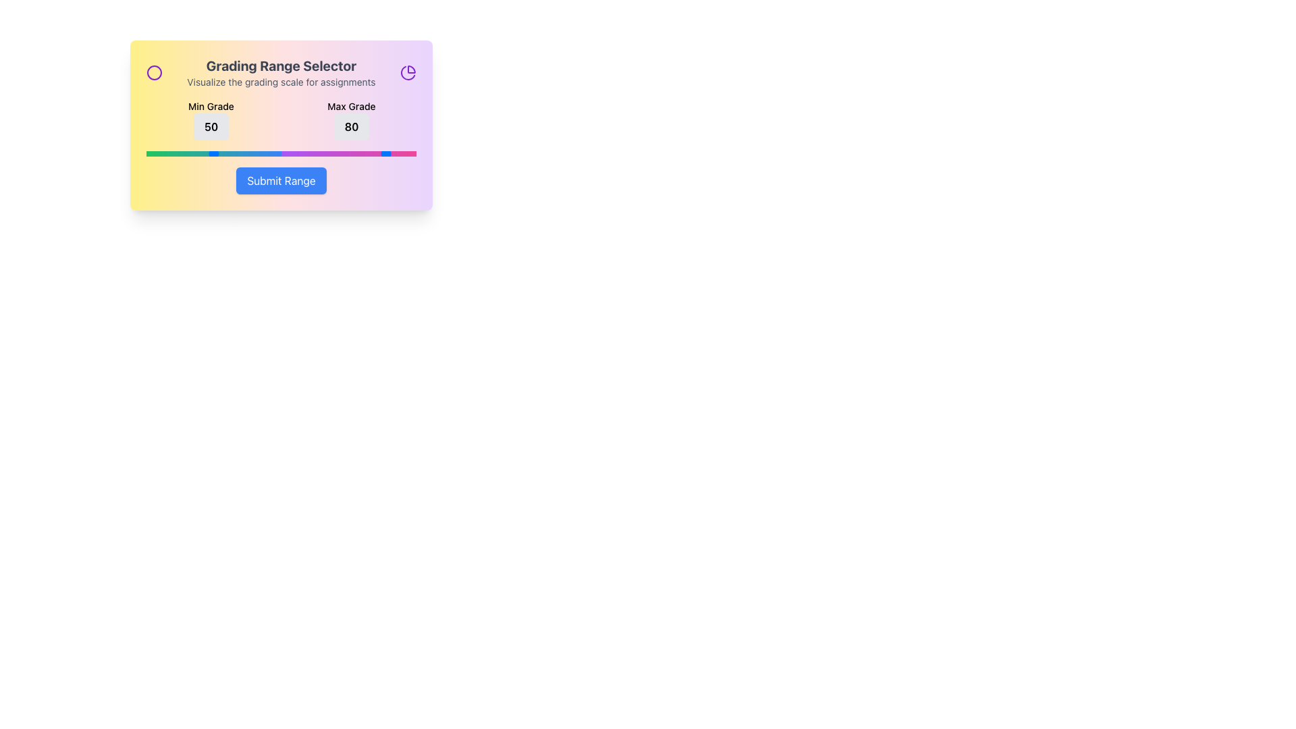  What do you see at coordinates (155, 73) in the screenshot?
I see `the inner circle icon located at the top left corner of the yellow-gradient card within the interface` at bounding box center [155, 73].